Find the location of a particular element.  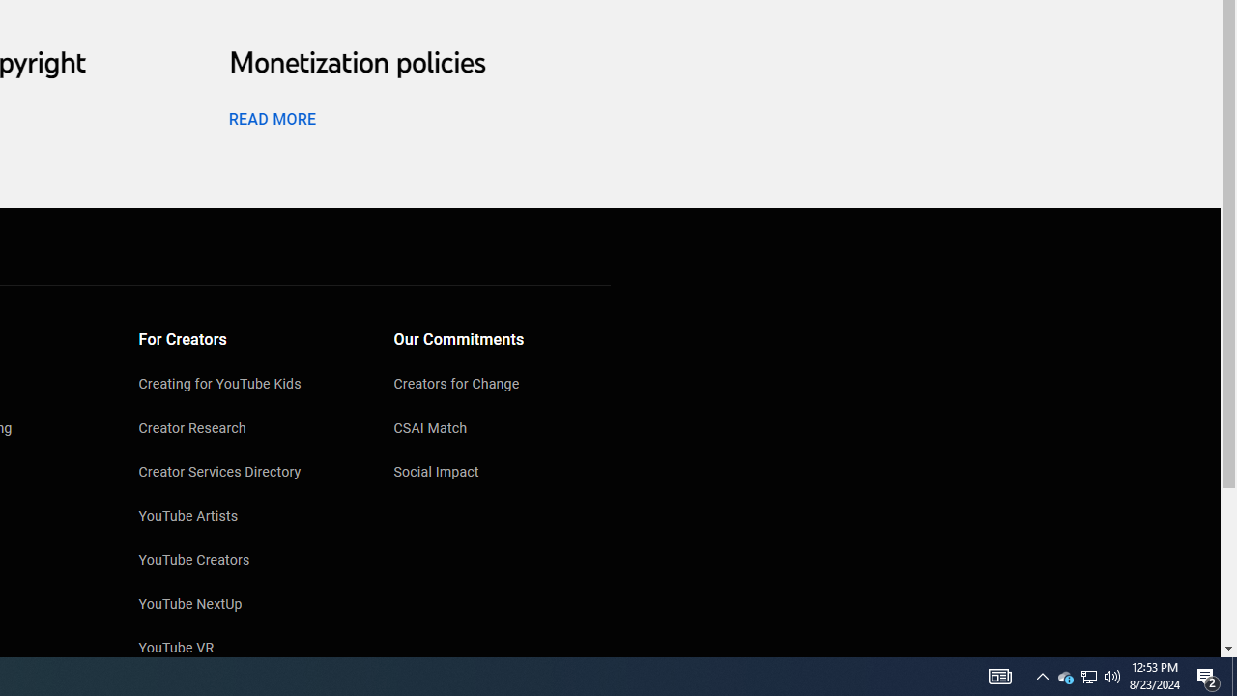

'CSAI Match' is located at coordinates (502, 428).